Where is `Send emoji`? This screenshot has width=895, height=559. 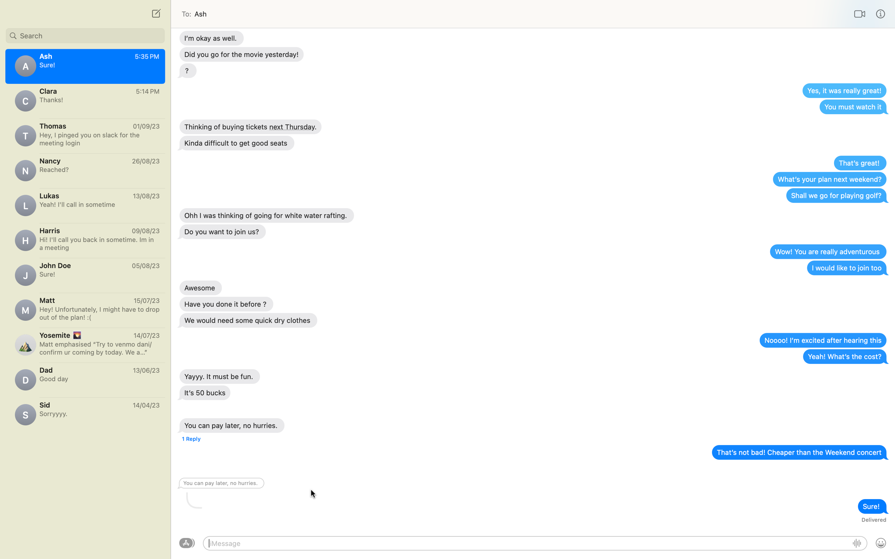 Send emoji is located at coordinates (880, 543).